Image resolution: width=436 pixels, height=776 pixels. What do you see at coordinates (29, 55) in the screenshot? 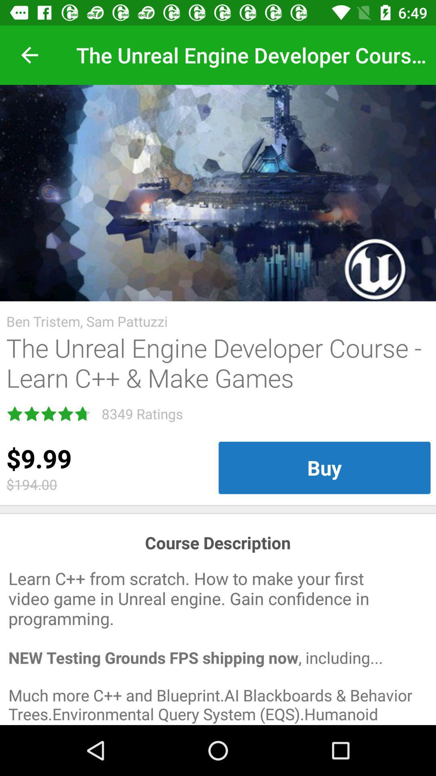
I see `icon next to the unreal engine` at bounding box center [29, 55].